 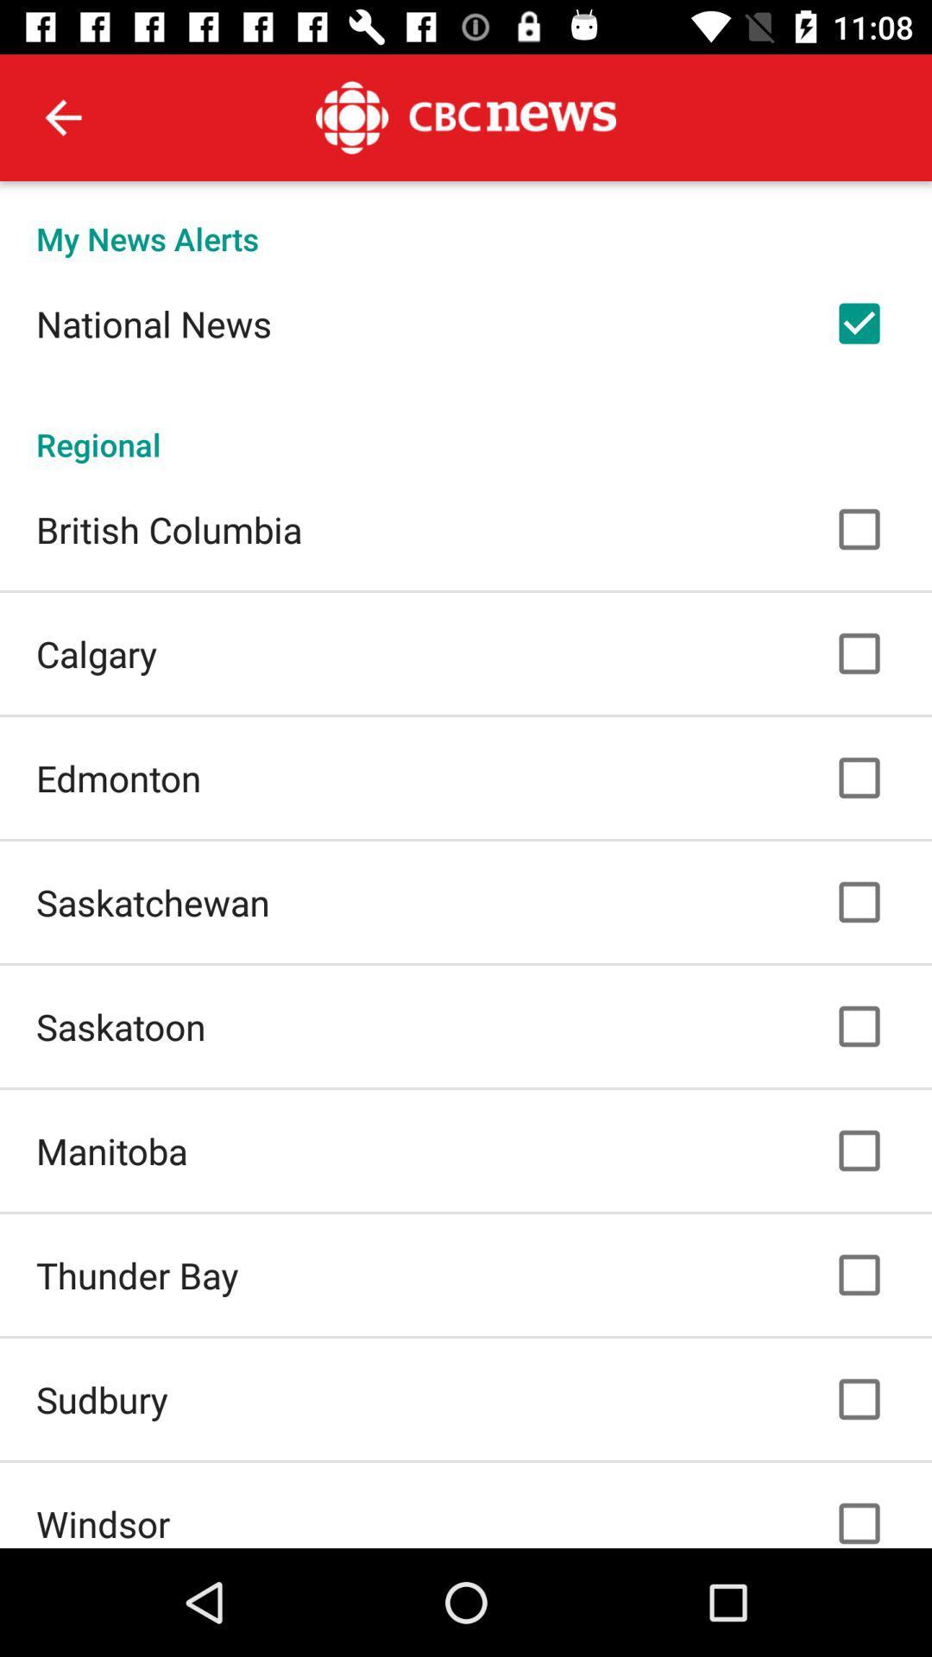 I want to click on the item above regional item, so click(x=153, y=323).